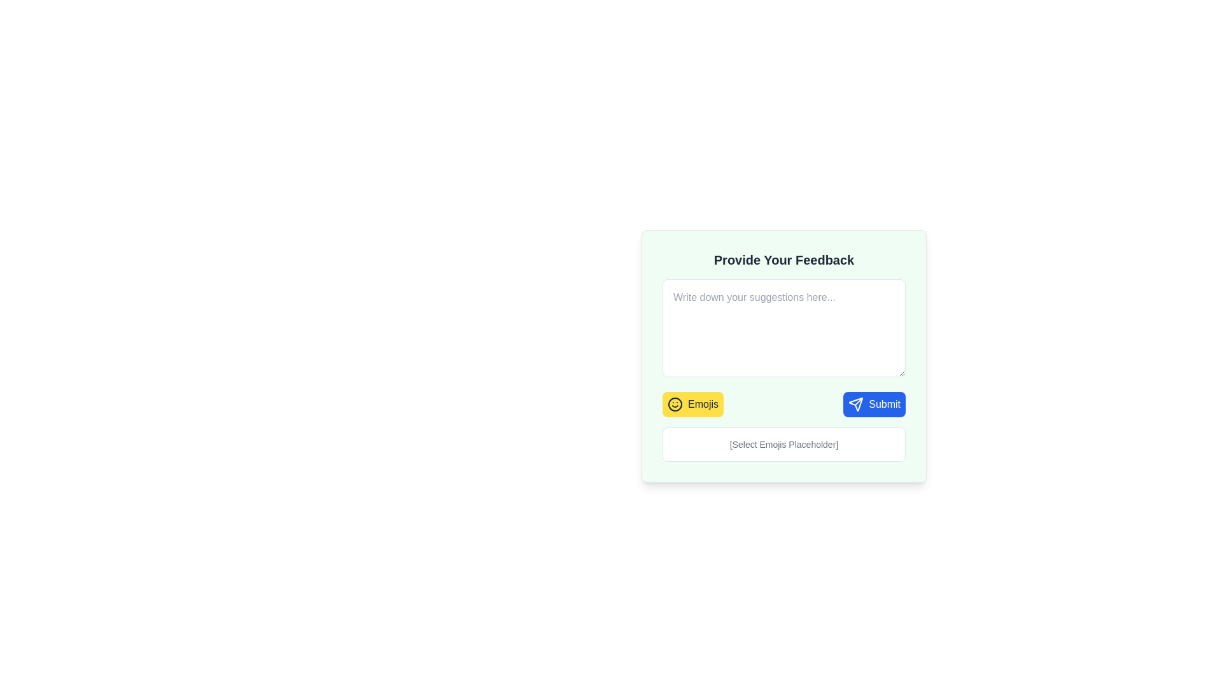  What do you see at coordinates (783, 259) in the screenshot?
I see `the text label displaying 'Provide Your Feedback', which is prominently featured in large, bold text with dark gray color on a light green background` at bounding box center [783, 259].